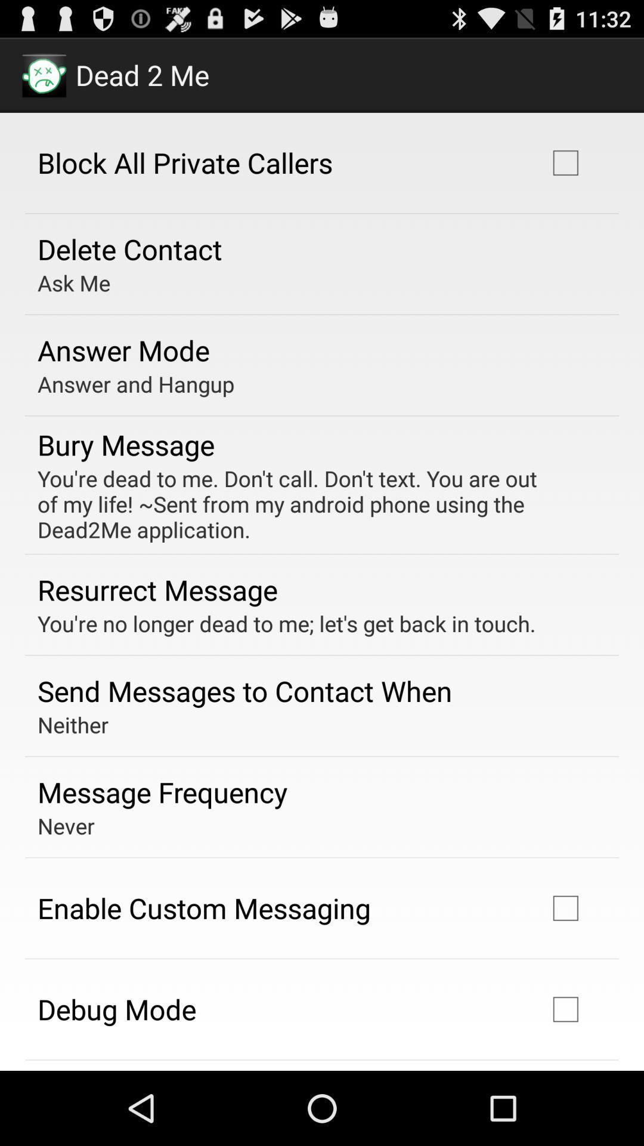 This screenshot has height=1146, width=644. Describe the element at coordinates (73, 724) in the screenshot. I see `item above message frequency` at that location.